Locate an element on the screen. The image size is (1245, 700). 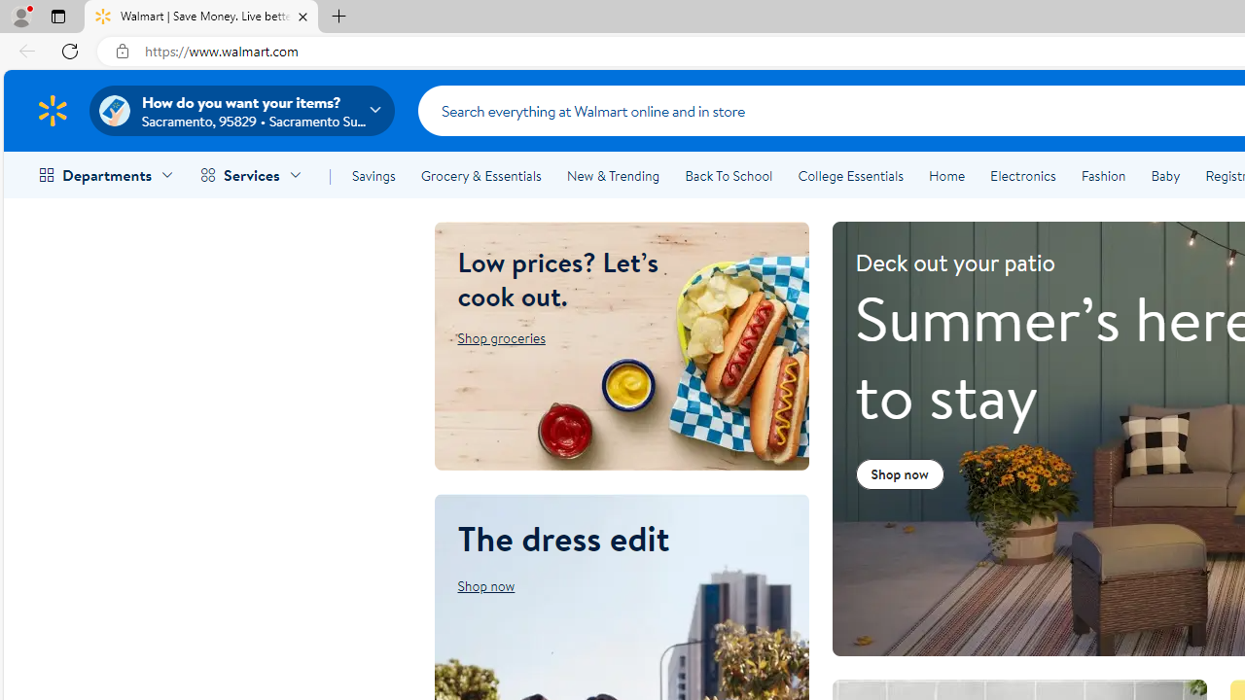
'Electronics' is located at coordinates (1021, 176).